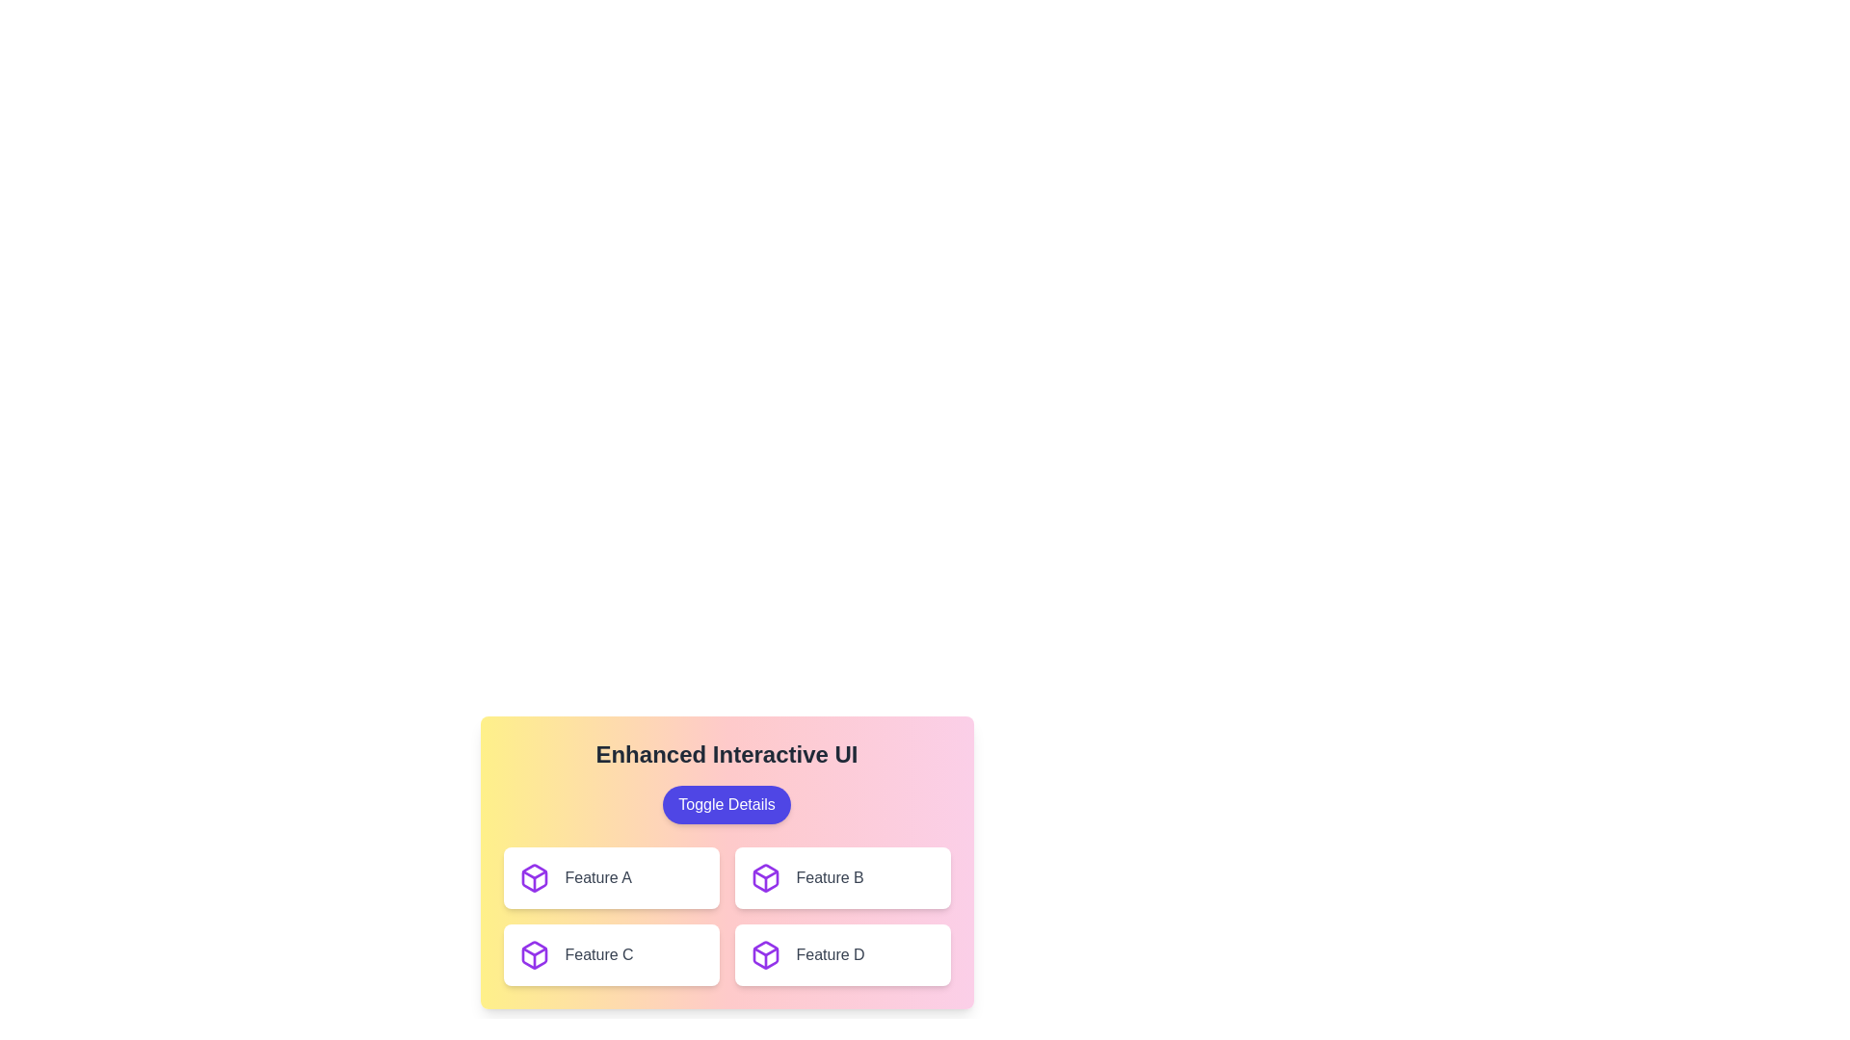 This screenshot has width=1850, height=1040. Describe the element at coordinates (598, 954) in the screenshot. I see `the text label displaying 'Feature C', which is styled in gray color and positioned in the third row of a four-item grid` at that location.